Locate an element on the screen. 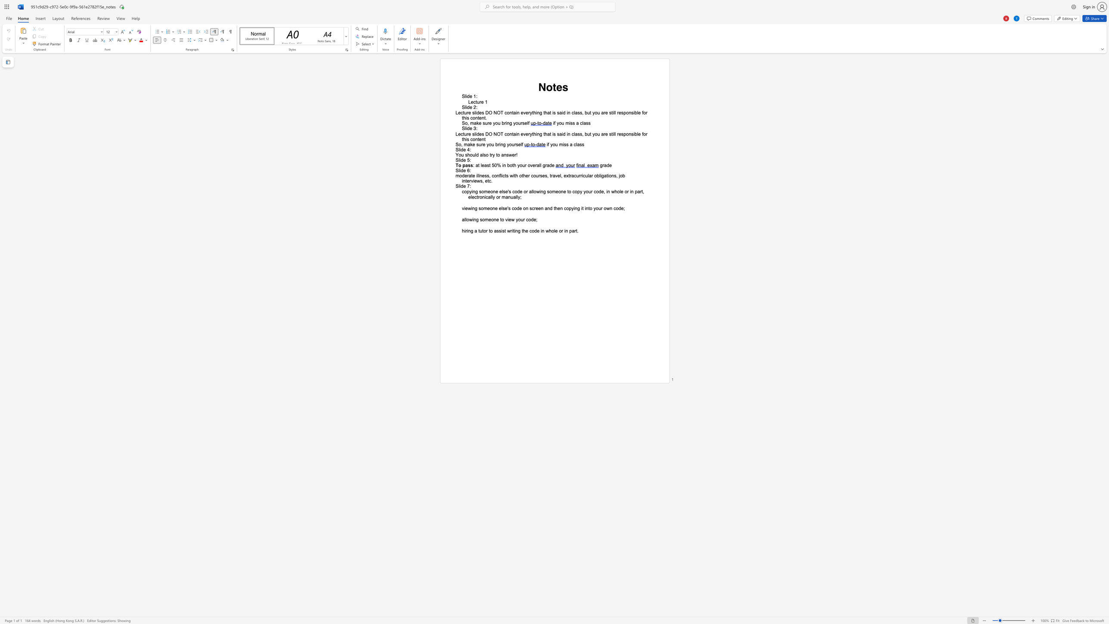  the space between the continuous character "e" and "l" in the text is located at coordinates (560, 175).